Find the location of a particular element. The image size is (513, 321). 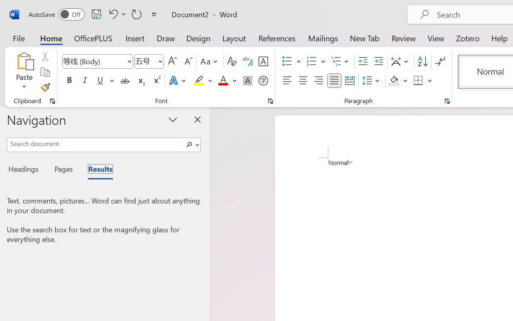

'Borders' is located at coordinates (422, 81).